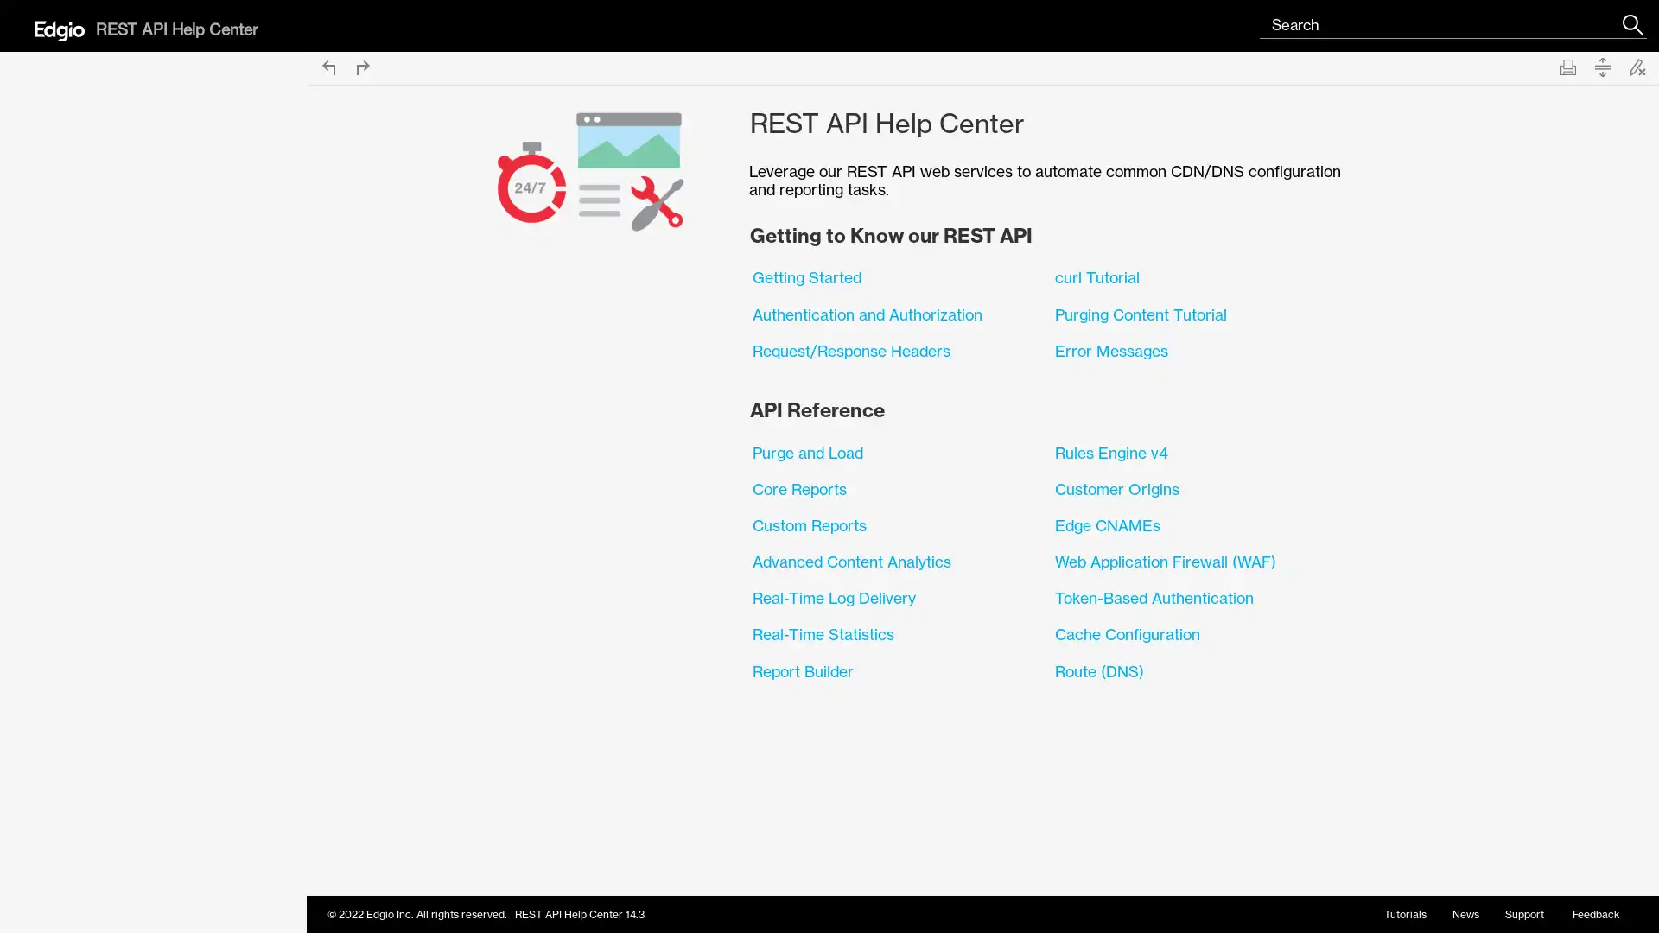 The width and height of the screenshot is (1659, 933). What do you see at coordinates (1637, 66) in the screenshot?
I see `remove highlight` at bounding box center [1637, 66].